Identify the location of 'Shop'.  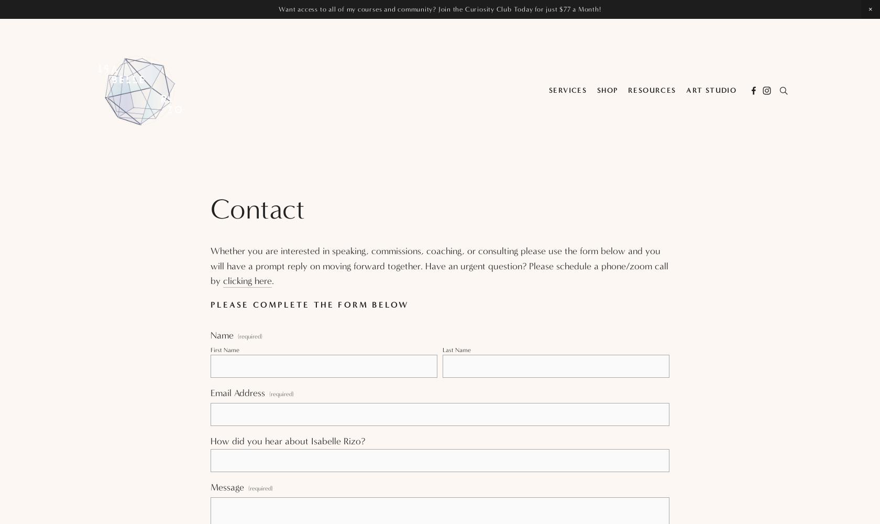
(607, 90).